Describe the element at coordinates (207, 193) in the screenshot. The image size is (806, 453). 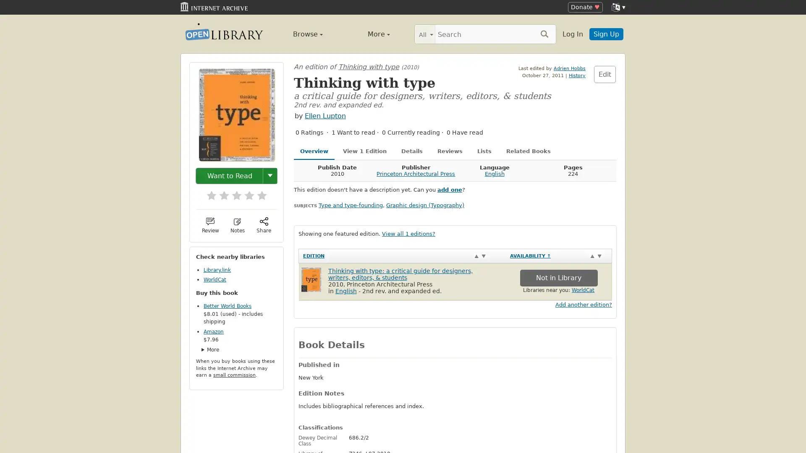
I see `1` at that location.